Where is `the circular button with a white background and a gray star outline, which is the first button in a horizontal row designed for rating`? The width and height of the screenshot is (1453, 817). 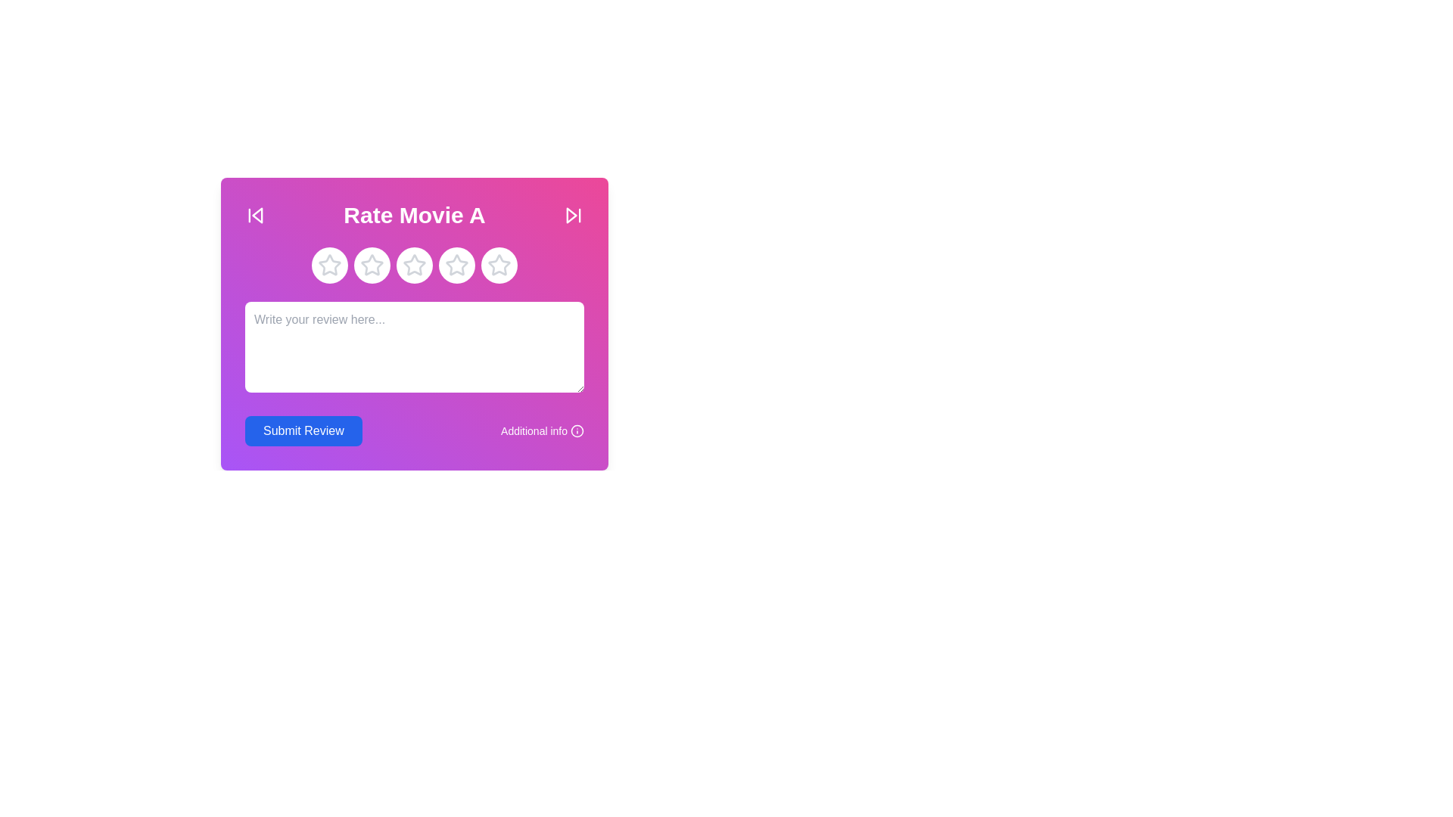 the circular button with a white background and a gray star outline, which is the first button in a horizontal row designed for rating is located at coordinates (329, 265).